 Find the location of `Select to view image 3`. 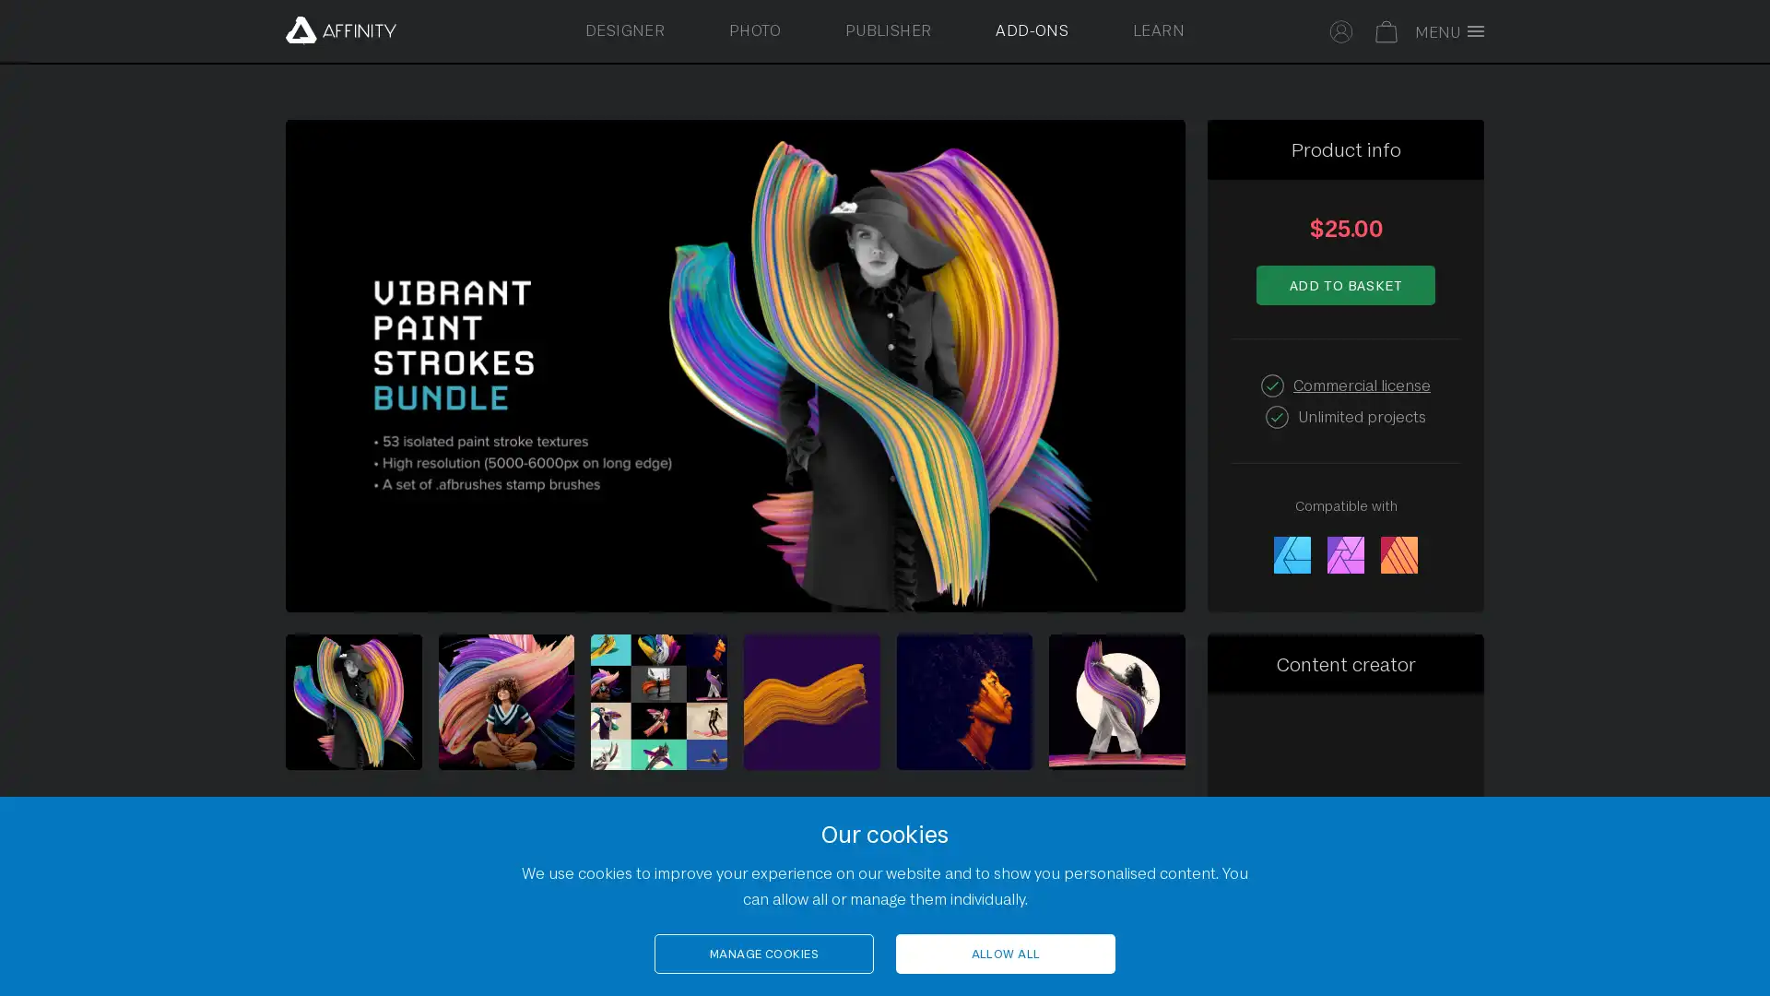

Select to view image 3 is located at coordinates (659, 701).